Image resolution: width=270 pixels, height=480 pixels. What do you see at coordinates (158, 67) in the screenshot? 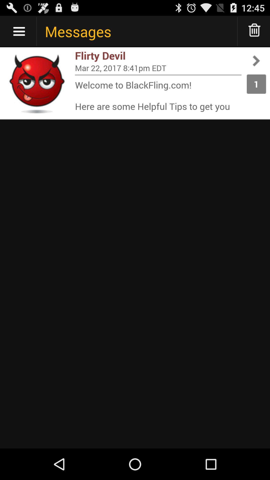
I see `app to the left of the 1 item` at bounding box center [158, 67].